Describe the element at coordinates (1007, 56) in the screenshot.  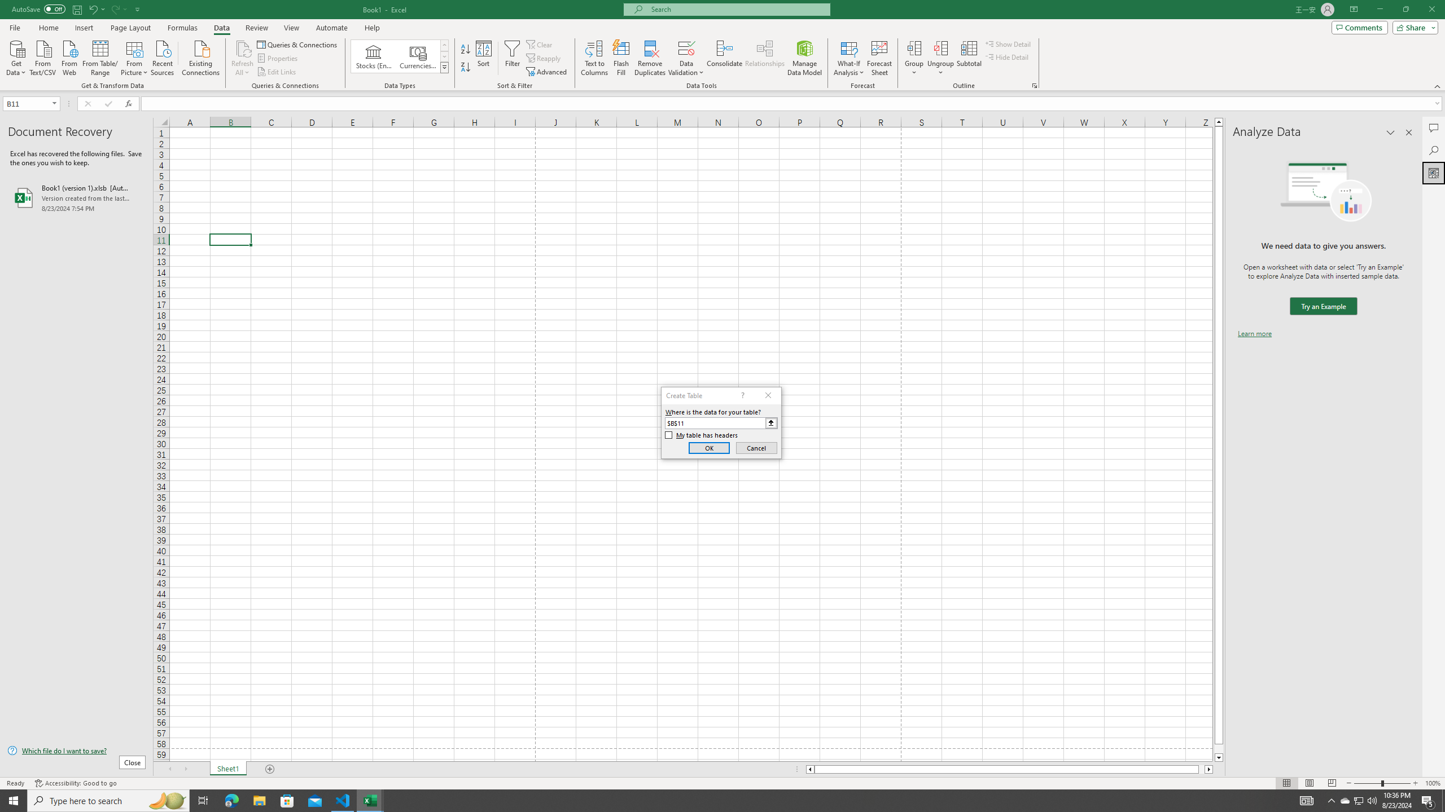
I see `'Hide Detail'` at that location.